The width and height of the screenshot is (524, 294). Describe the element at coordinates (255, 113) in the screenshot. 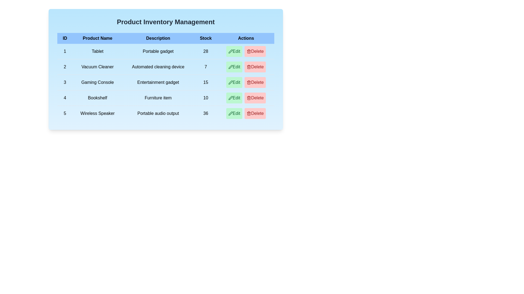

I see `the 'Delete' button with a red background and a trash can icon, located in the 'Actions' column for the 'Wireless Speaker' product entry` at that location.